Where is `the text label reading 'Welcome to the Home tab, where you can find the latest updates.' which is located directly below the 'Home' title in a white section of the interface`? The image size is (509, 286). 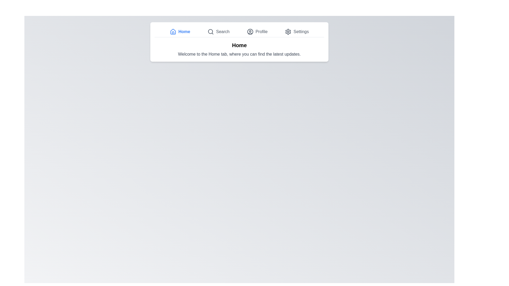 the text label reading 'Welcome to the Home tab, where you can find the latest updates.' which is located directly below the 'Home' title in a white section of the interface is located at coordinates (239, 54).